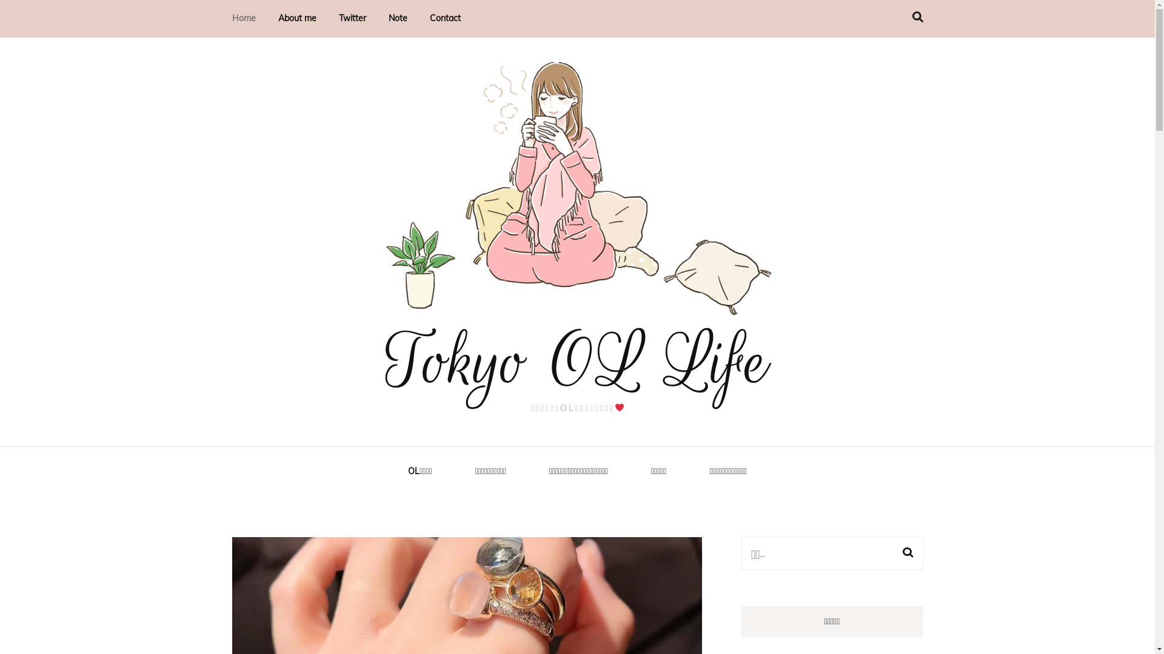 Image resolution: width=1164 pixels, height=654 pixels. Describe the element at coordinates (444, 18) in the screenshot. I see `'Contact'` at that location.